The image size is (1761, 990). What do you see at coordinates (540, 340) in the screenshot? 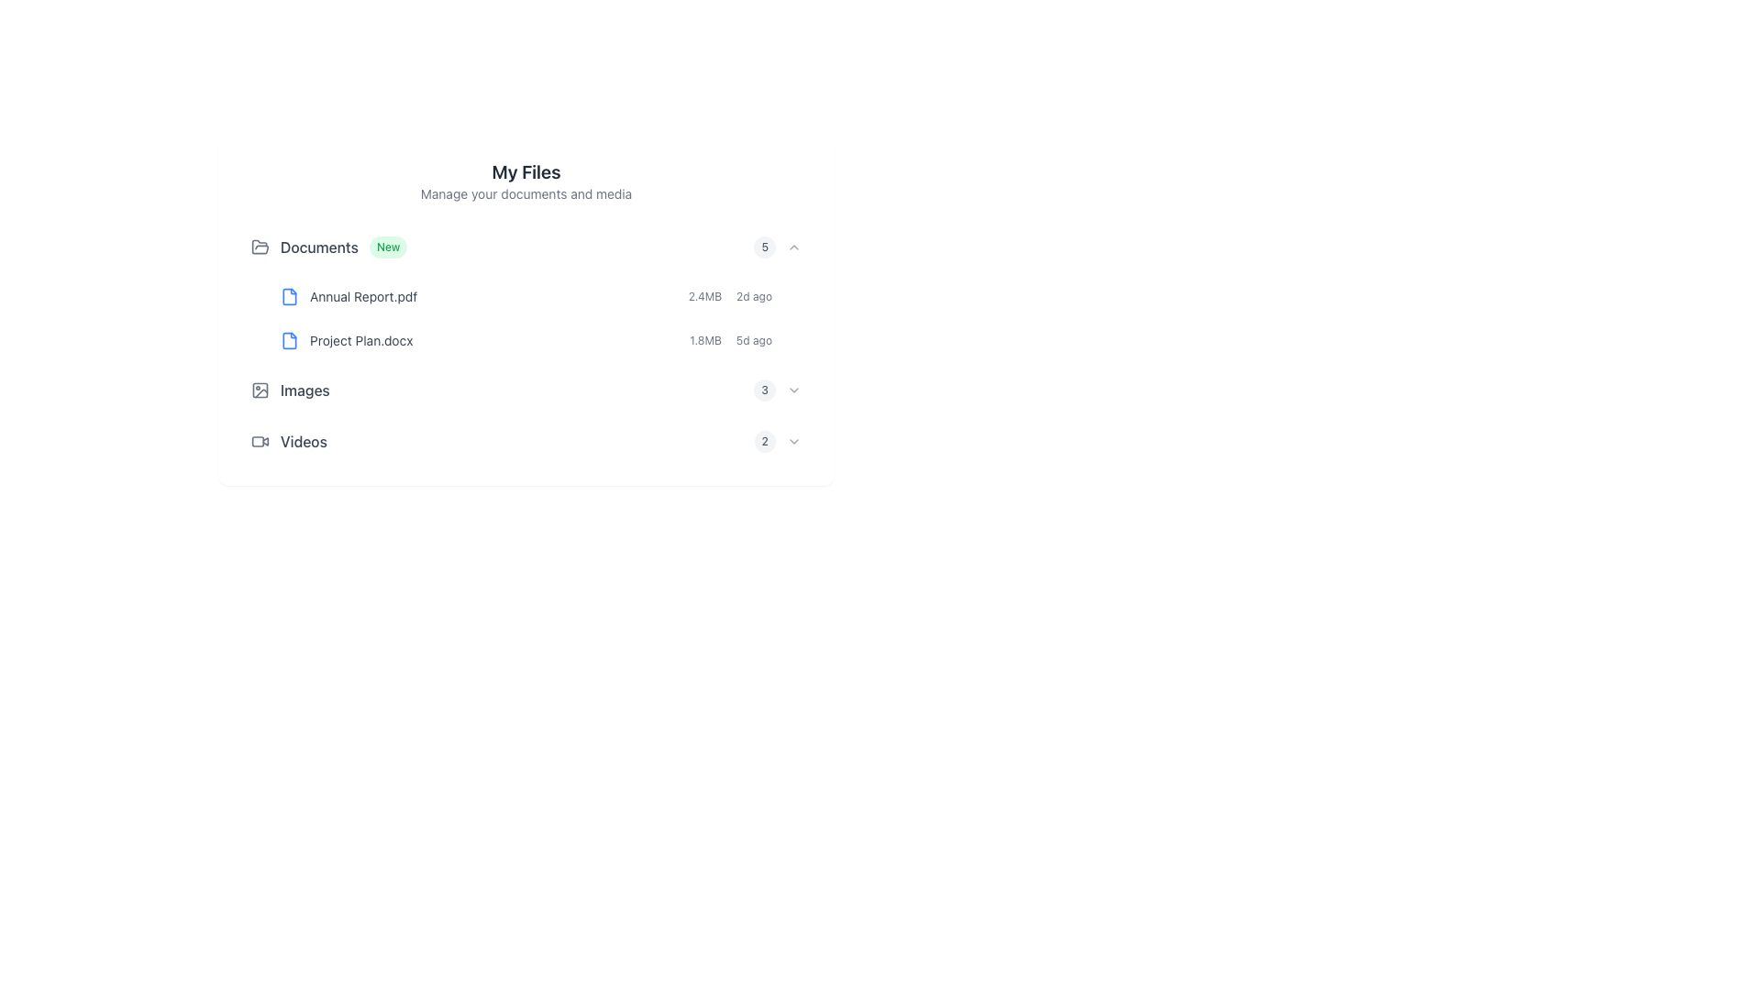
I see `the 'Project Plan.docx' file entry in the 'Documents' section of the 'My Files' interface` at bounding box center [540, 340].